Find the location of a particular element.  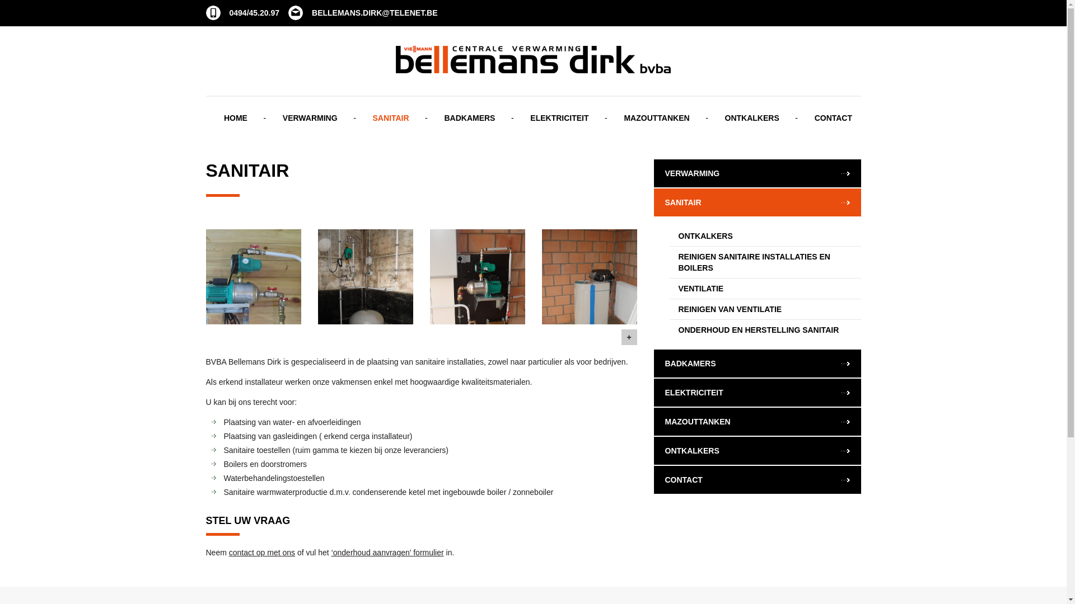

'0494/45.20.97' is located at coordinates (242, 13).